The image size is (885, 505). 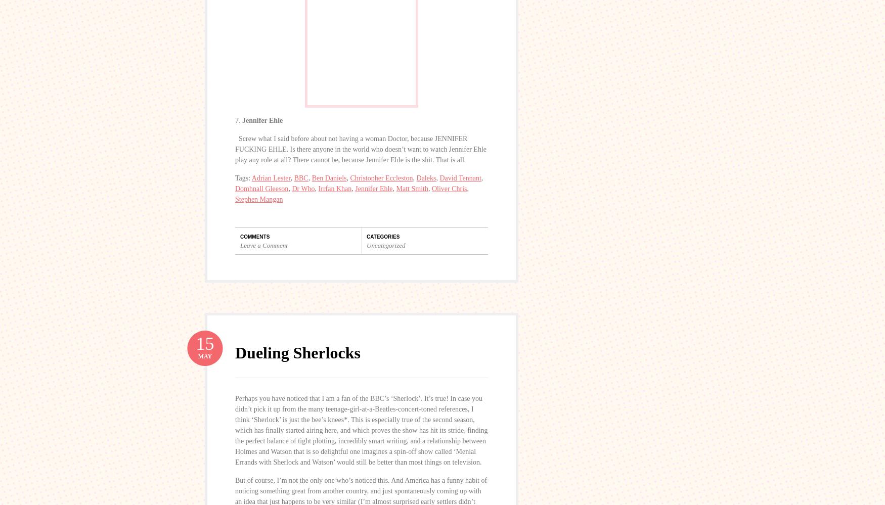 What do you see at coordinates (258, 198) in the screenshot?
I see `'Stephen Mangan'` at bounding box center [258, 198].